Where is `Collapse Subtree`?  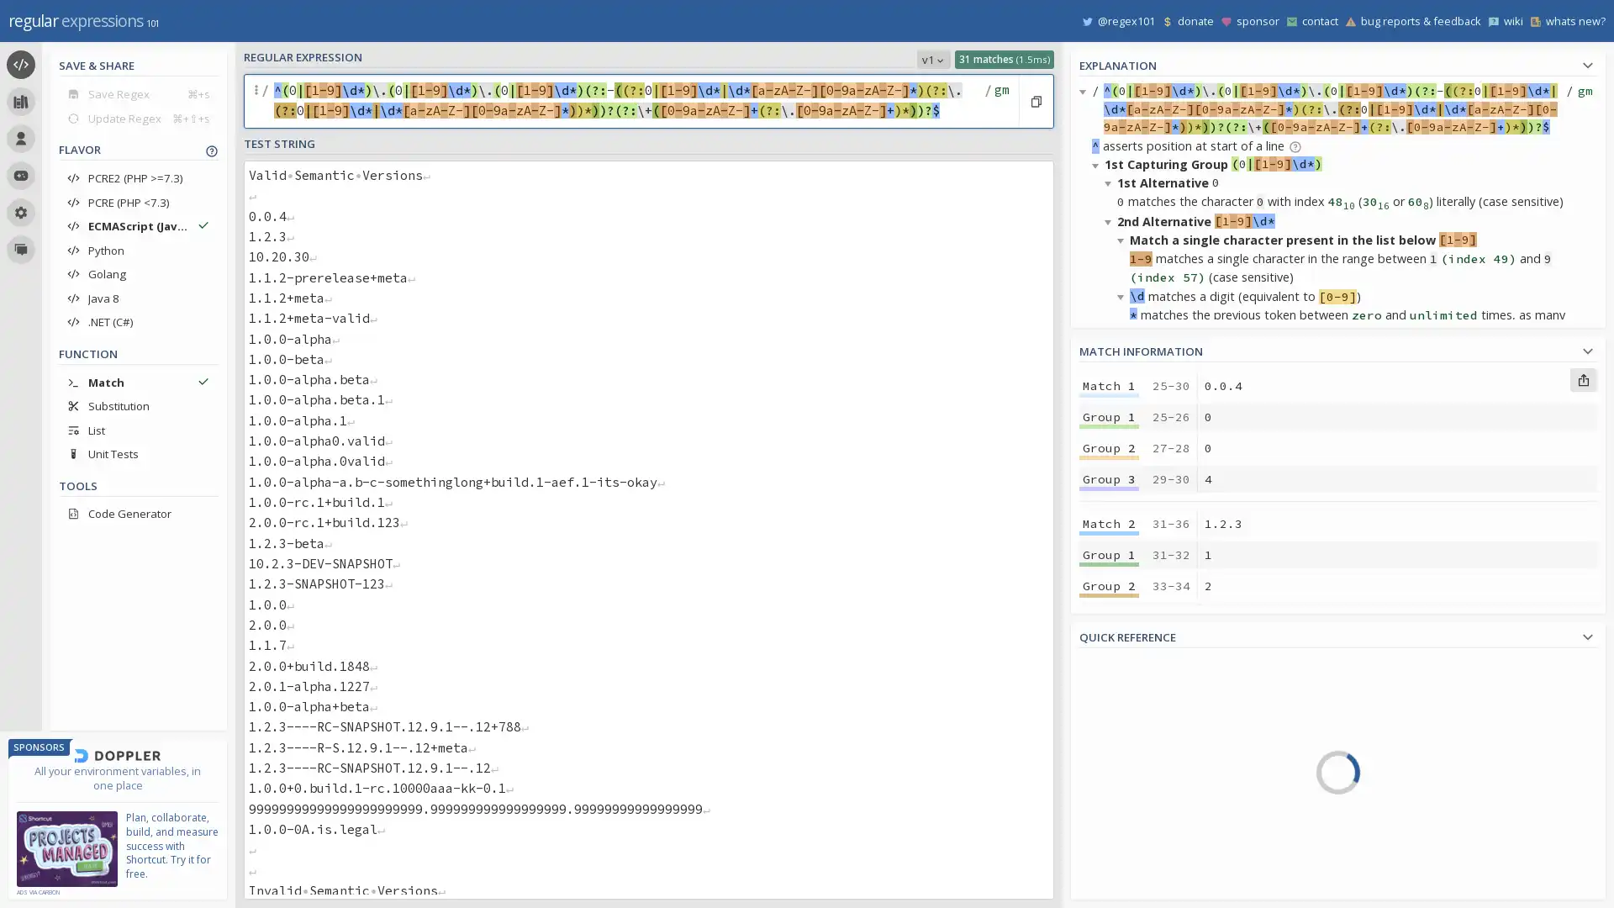
Collapse Subtree is located at coordinates (1098, 372).